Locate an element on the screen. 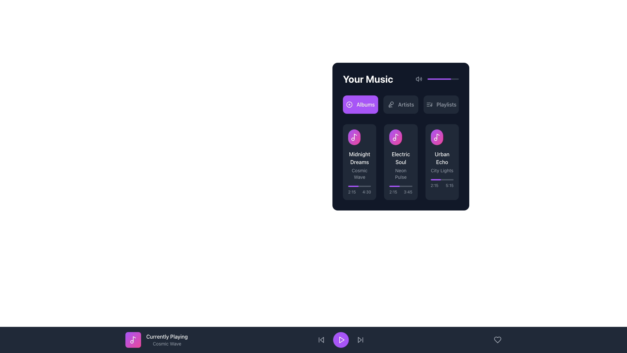 Image resolution: width=627 pixels, height=353 pixels. the play button located at the bottom center of the media player interface is located at coordinates (340, 340).